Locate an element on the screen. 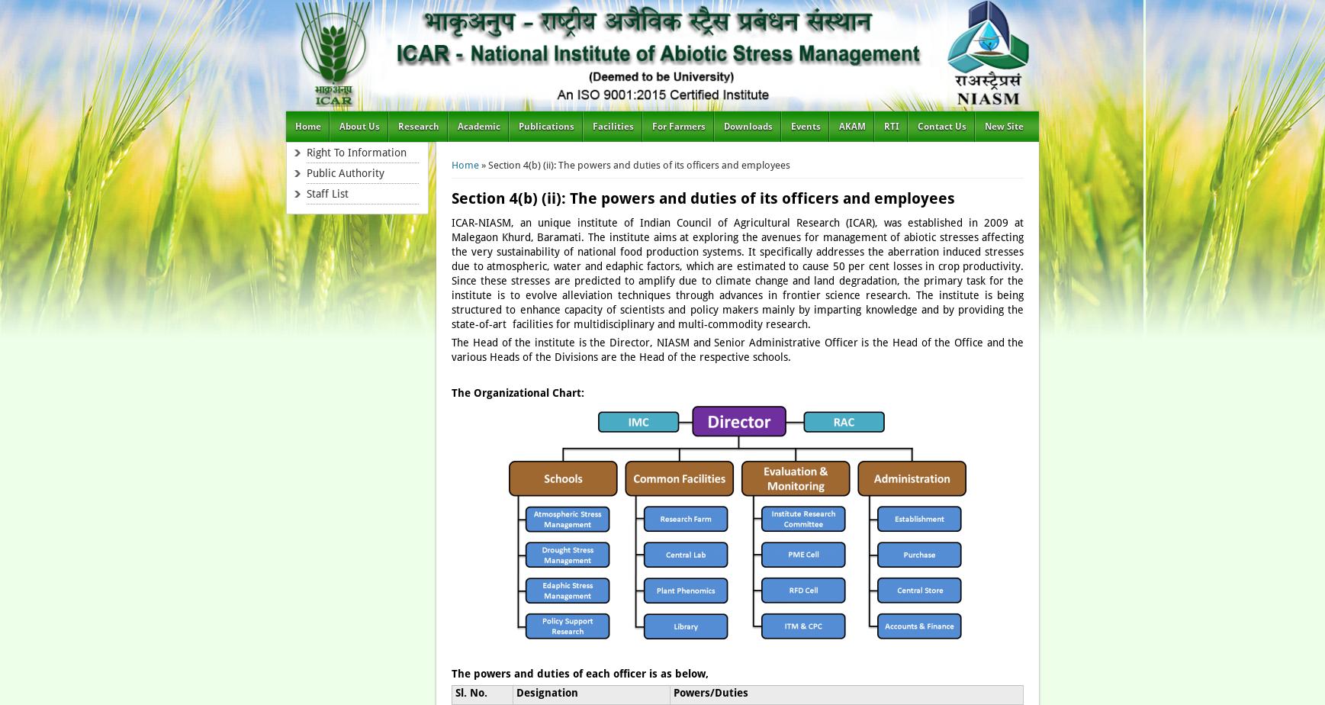 The height and width of the screenshot is (705, 1325). 'ICAR-NIASM, an unique institute of Indian Council of Agricultural Research (ICAR), was established in 2009 at Malegaon Khurd, Baramati. The institute aims at exploring the avenues for management of abiotic stresses affecting the very sustainability of national food production systems. It specifically addresses the aberration induced stresses due to atmospheric, water and edaphic factors, which are estimated to cause 50 per cent losses in crop productivity. Since these stresses are predicted to amplify due to climate change and land degradation, the primary task for the institute is to evolve alleviation techniques through advances in frontier science research. The institute is being structured to enhance capacity of scientists and policy makers mainly by imparting knowledge and by providing the state-of-art  facilities for multidisciplinary and multi-commodity research.' is located at coordinates (737, 272).